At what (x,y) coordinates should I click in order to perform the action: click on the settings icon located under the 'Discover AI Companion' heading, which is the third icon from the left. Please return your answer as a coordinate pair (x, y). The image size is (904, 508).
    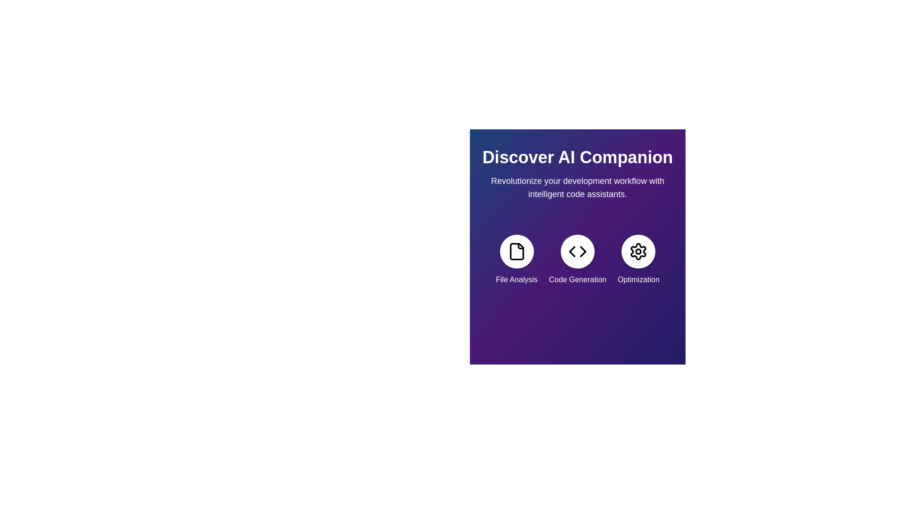
    Looking at the image, I should click on (638, 251).